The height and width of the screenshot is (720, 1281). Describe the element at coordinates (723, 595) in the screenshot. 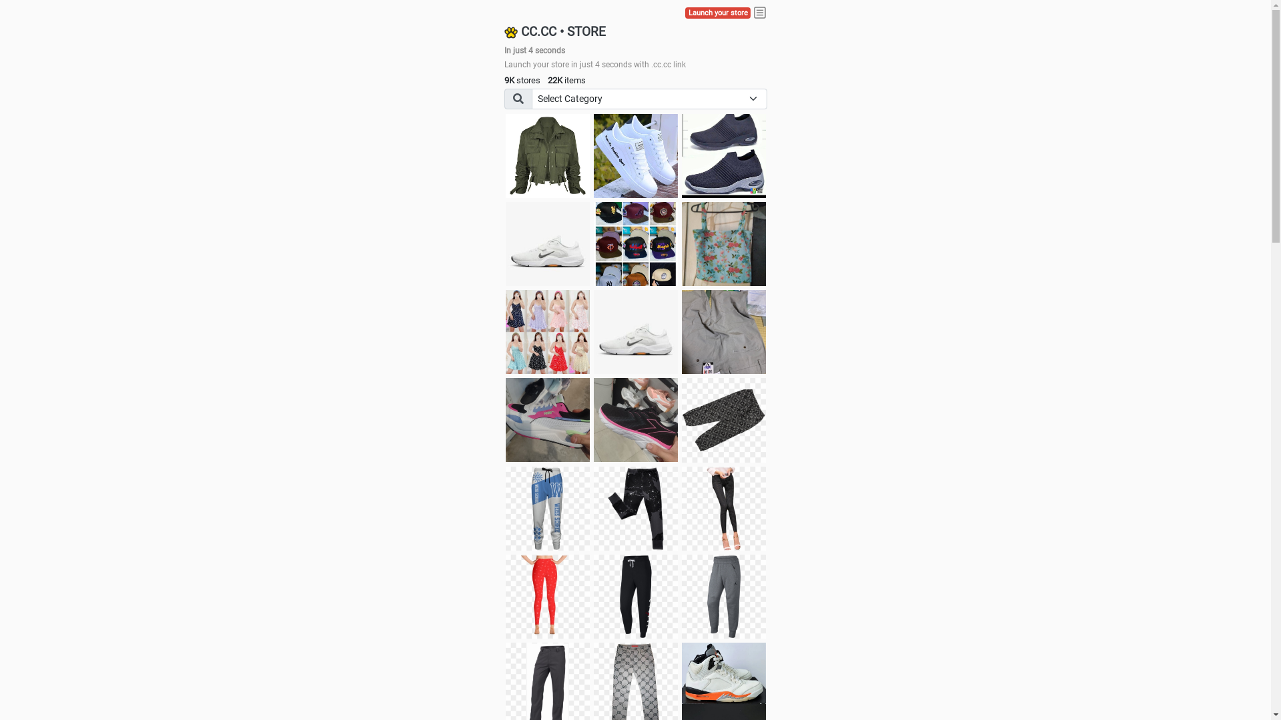

I see `'Pant'` at that location.